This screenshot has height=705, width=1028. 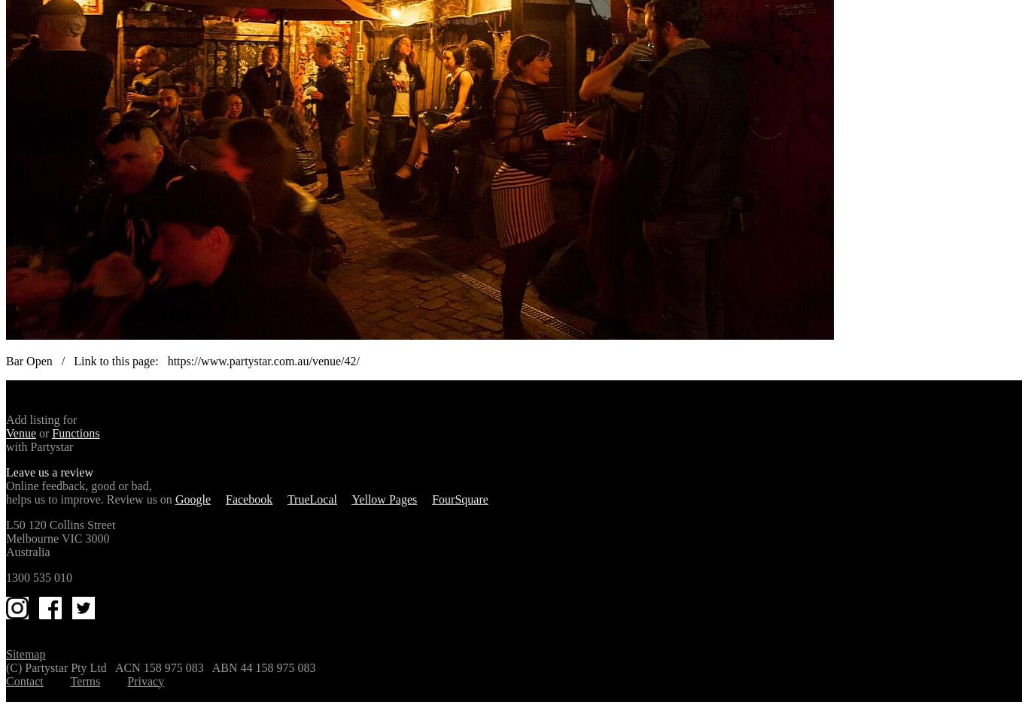 What do you see at coordinates (44, 431) in the screenshot?
I see `'or'` at bounding box center [44, 431].